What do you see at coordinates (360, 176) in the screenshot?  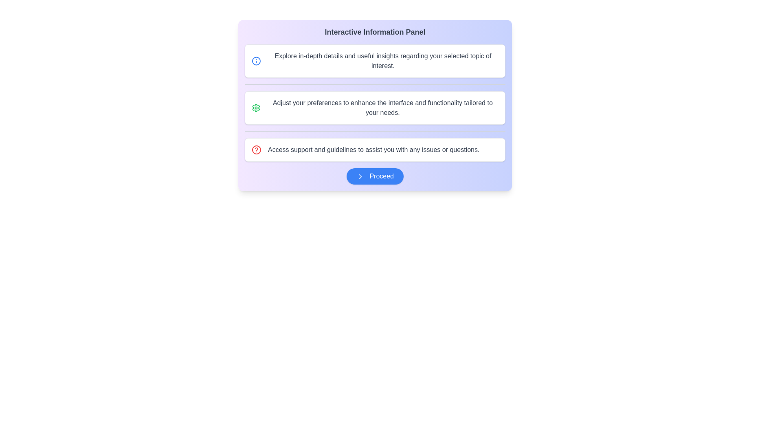 I see `the Decorative icon (chevron-right) located within the blue 'Proceed' button at the bottom center of the interface panel` at bounding box center [360, 176].